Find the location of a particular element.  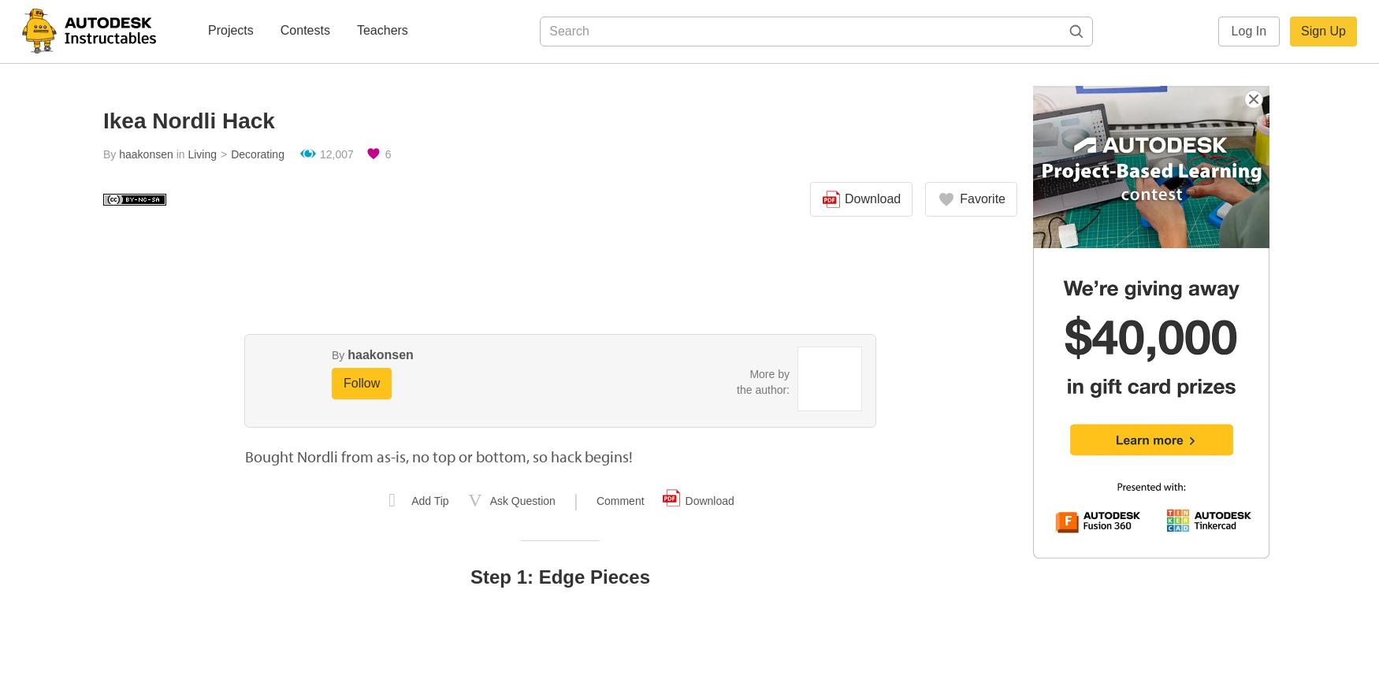

'Step 1: Edge Pieces' is located at coordinates (559, 577).